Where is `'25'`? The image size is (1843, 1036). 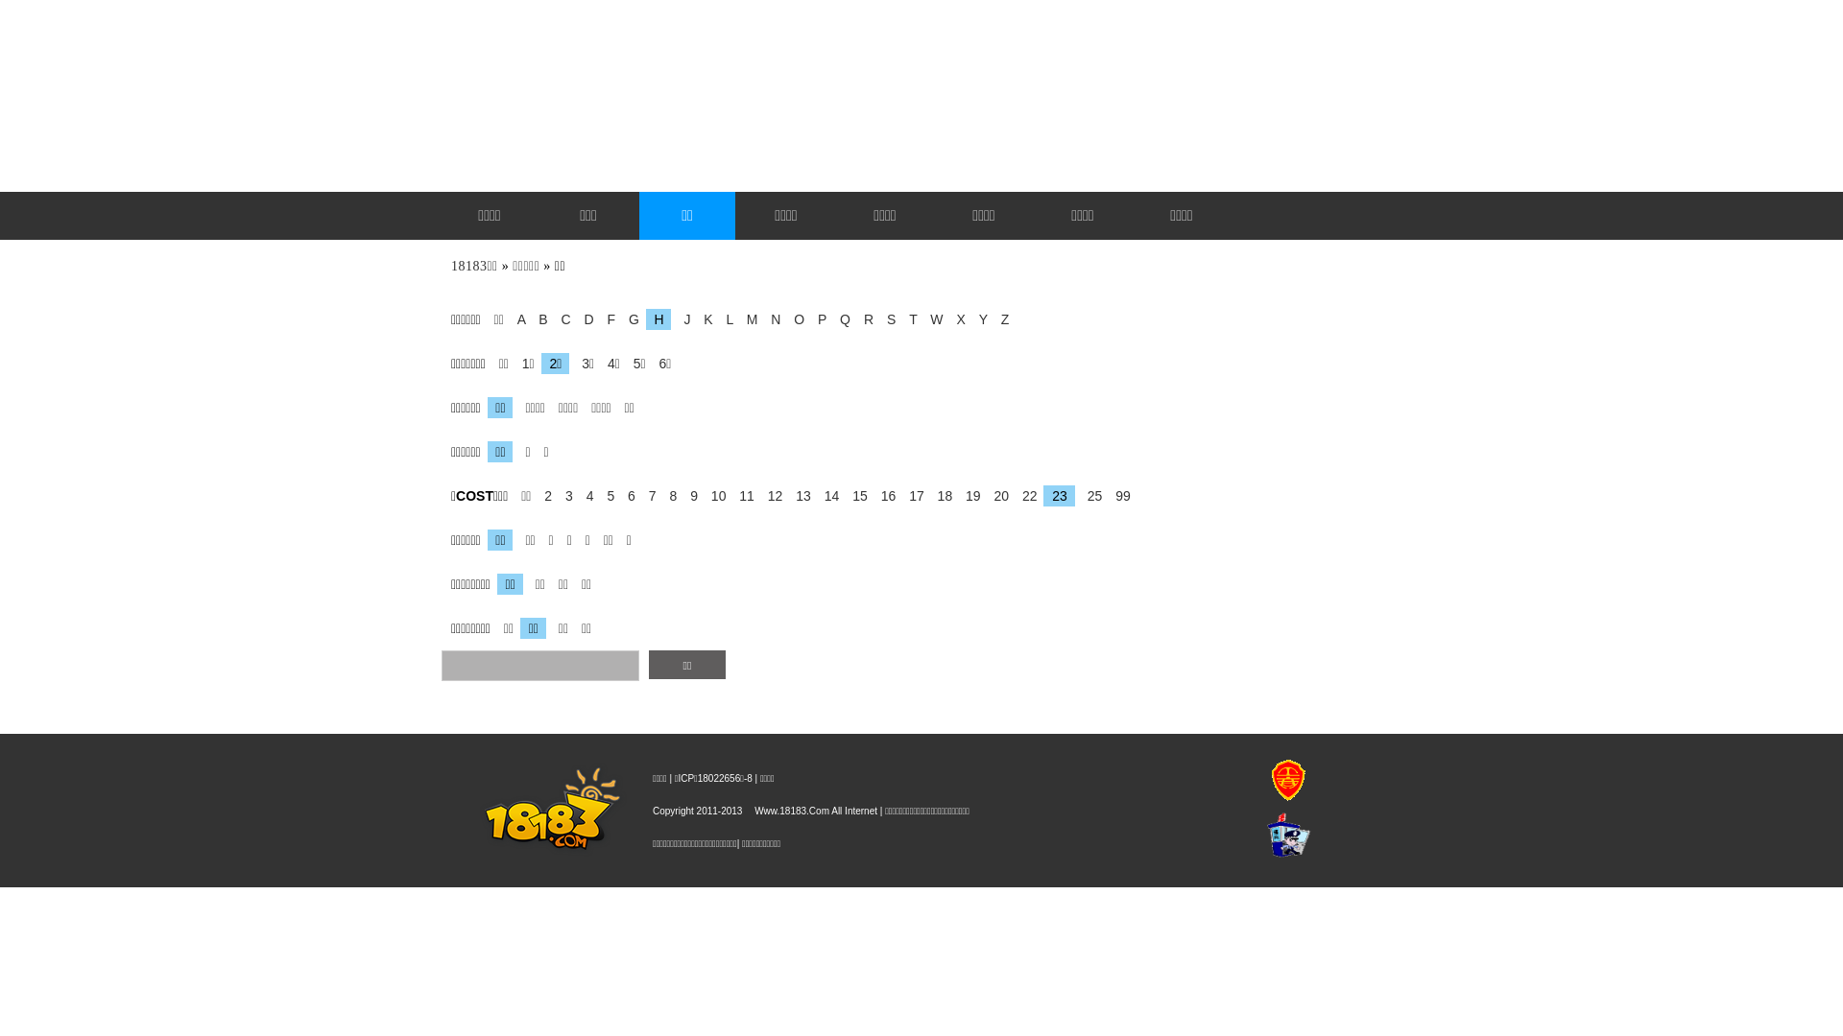
'25' is located at coordinates (1090, 494).